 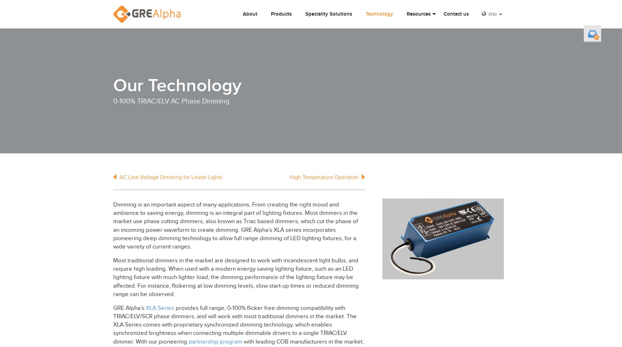 What do you see at coordinates (323, 177) in the screenshot?
I see `'High Temperature Operation'` at bounding box center [323, 177].